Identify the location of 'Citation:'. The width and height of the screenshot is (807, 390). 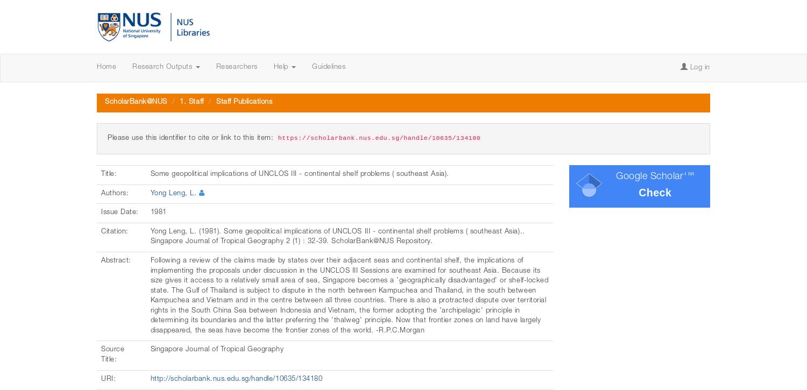
(115, 231).